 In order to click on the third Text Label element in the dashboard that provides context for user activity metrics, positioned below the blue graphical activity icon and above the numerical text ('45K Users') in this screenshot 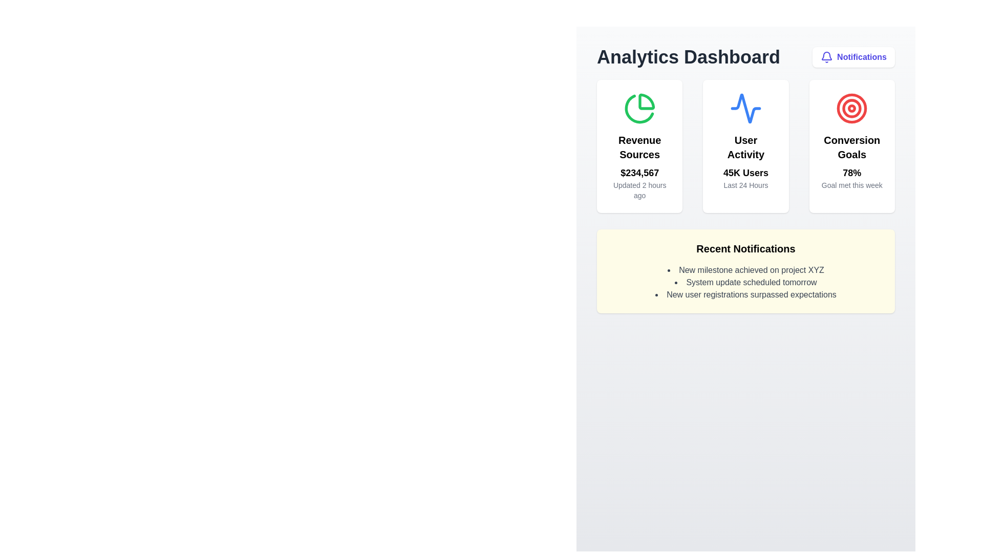, I will do `click(745, 147)`.